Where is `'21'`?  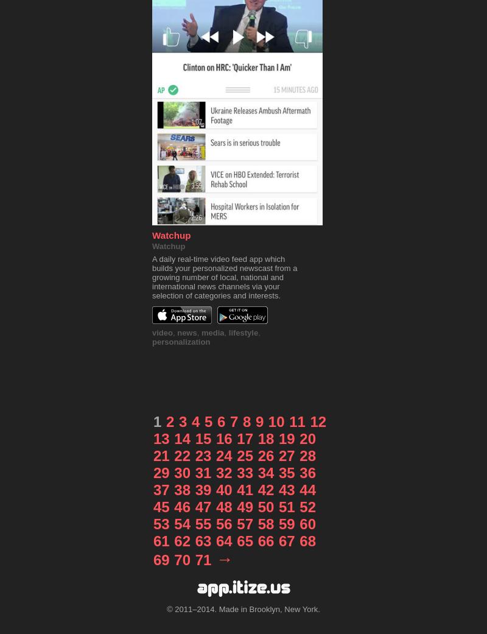 '21' is located at coordinates (160, 456).